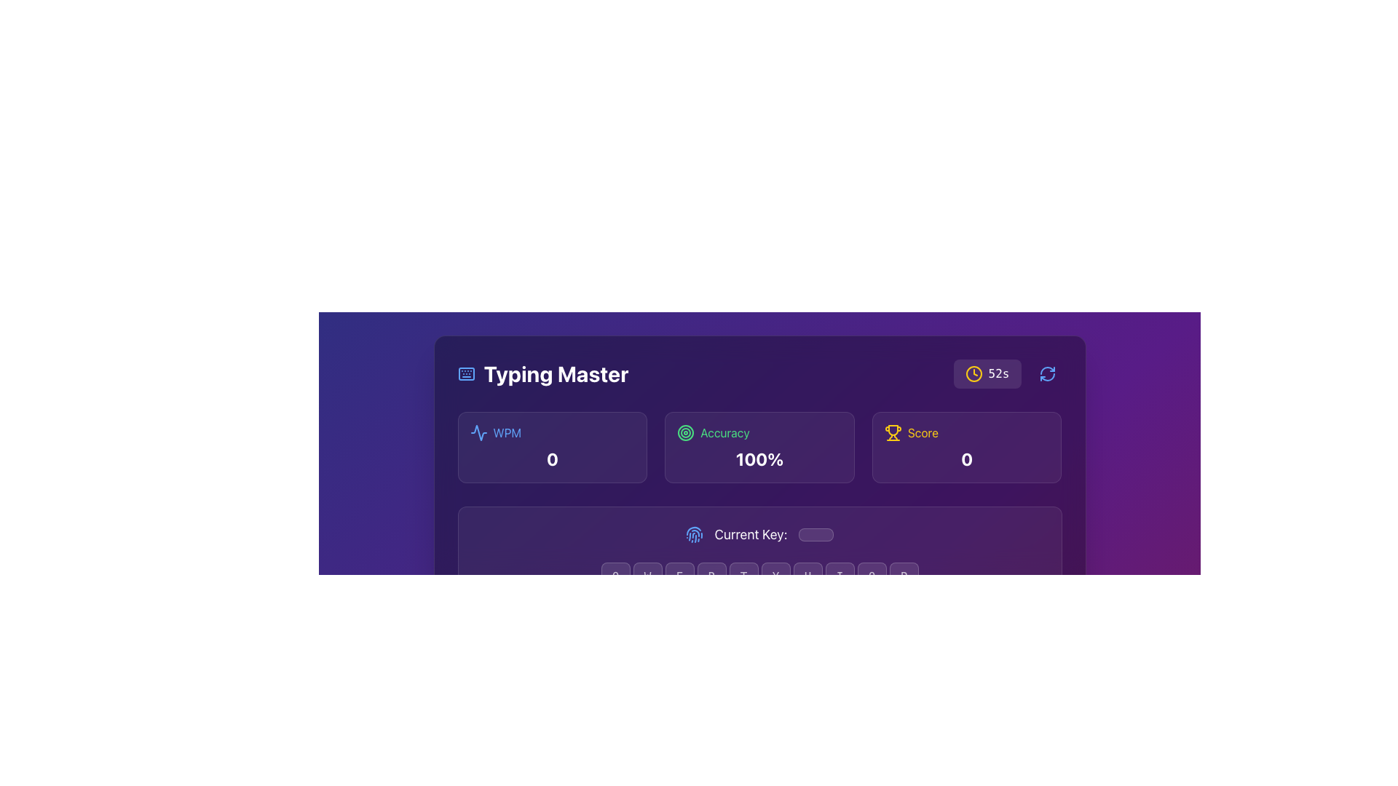 This screenshot has height=786, width=1398. Describe the element at coordinates (551, 459) in the screenshot. I see `value displayed in the bold, white-colored numeral '0' located on the left side of the upper panel under the 'WPM' label` at that location.